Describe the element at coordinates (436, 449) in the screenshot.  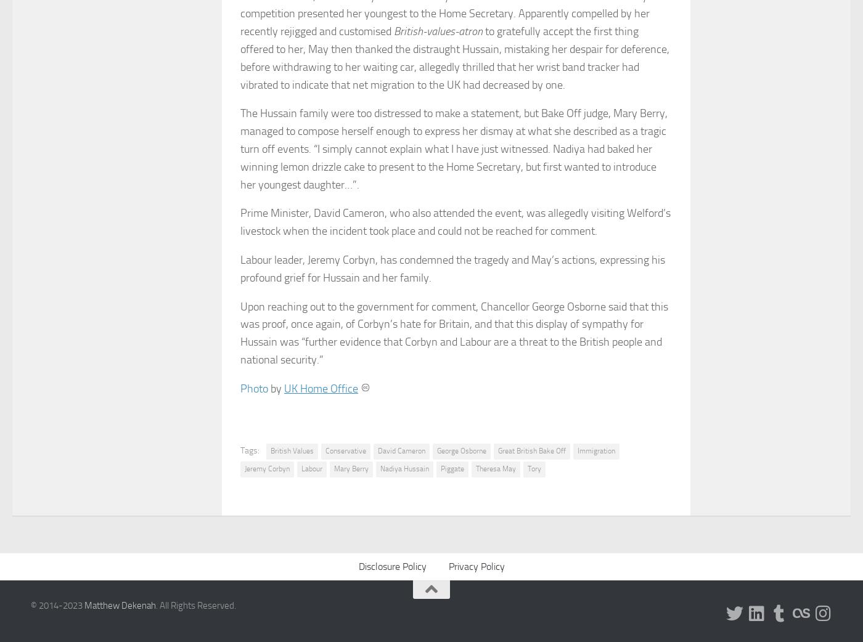
I see `'George Osborne'` at that location.